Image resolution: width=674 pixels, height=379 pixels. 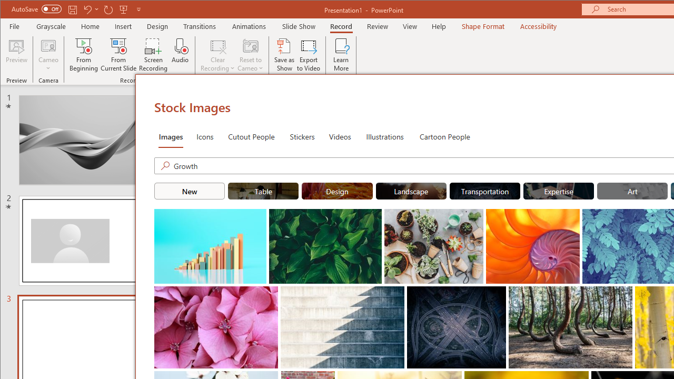 I want to click on 'View', so click(x=410, y=26).